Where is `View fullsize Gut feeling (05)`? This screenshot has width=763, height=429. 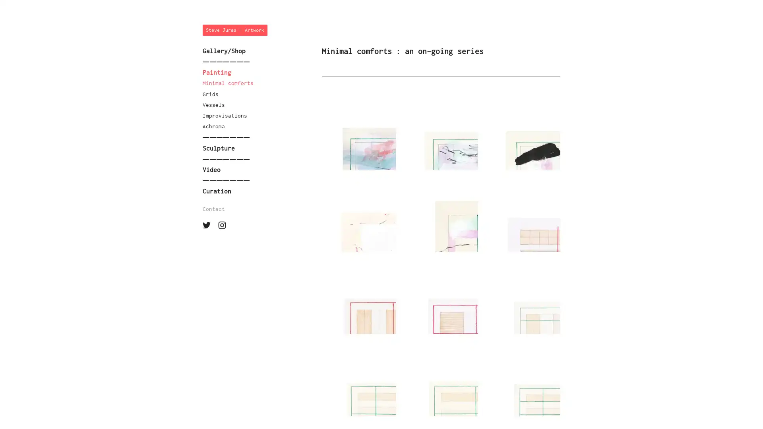 View fullsize Gut feeling (05) is located at coordinates (440, 222).